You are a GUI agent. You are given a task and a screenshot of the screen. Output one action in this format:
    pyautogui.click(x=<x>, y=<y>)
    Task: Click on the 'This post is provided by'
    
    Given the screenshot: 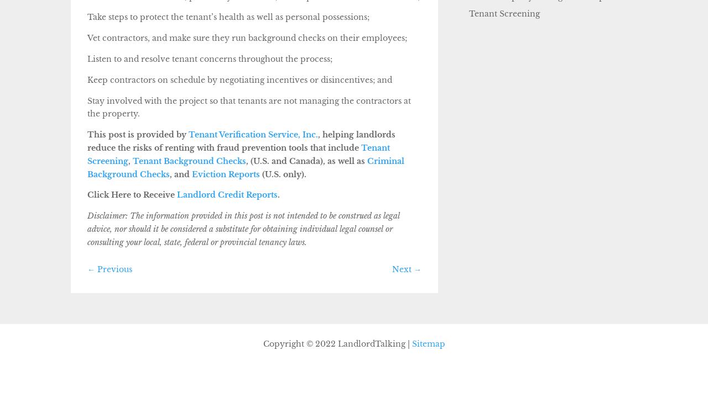 What is the action you would take?
    pyautogui.click(x=136, y=134)
    